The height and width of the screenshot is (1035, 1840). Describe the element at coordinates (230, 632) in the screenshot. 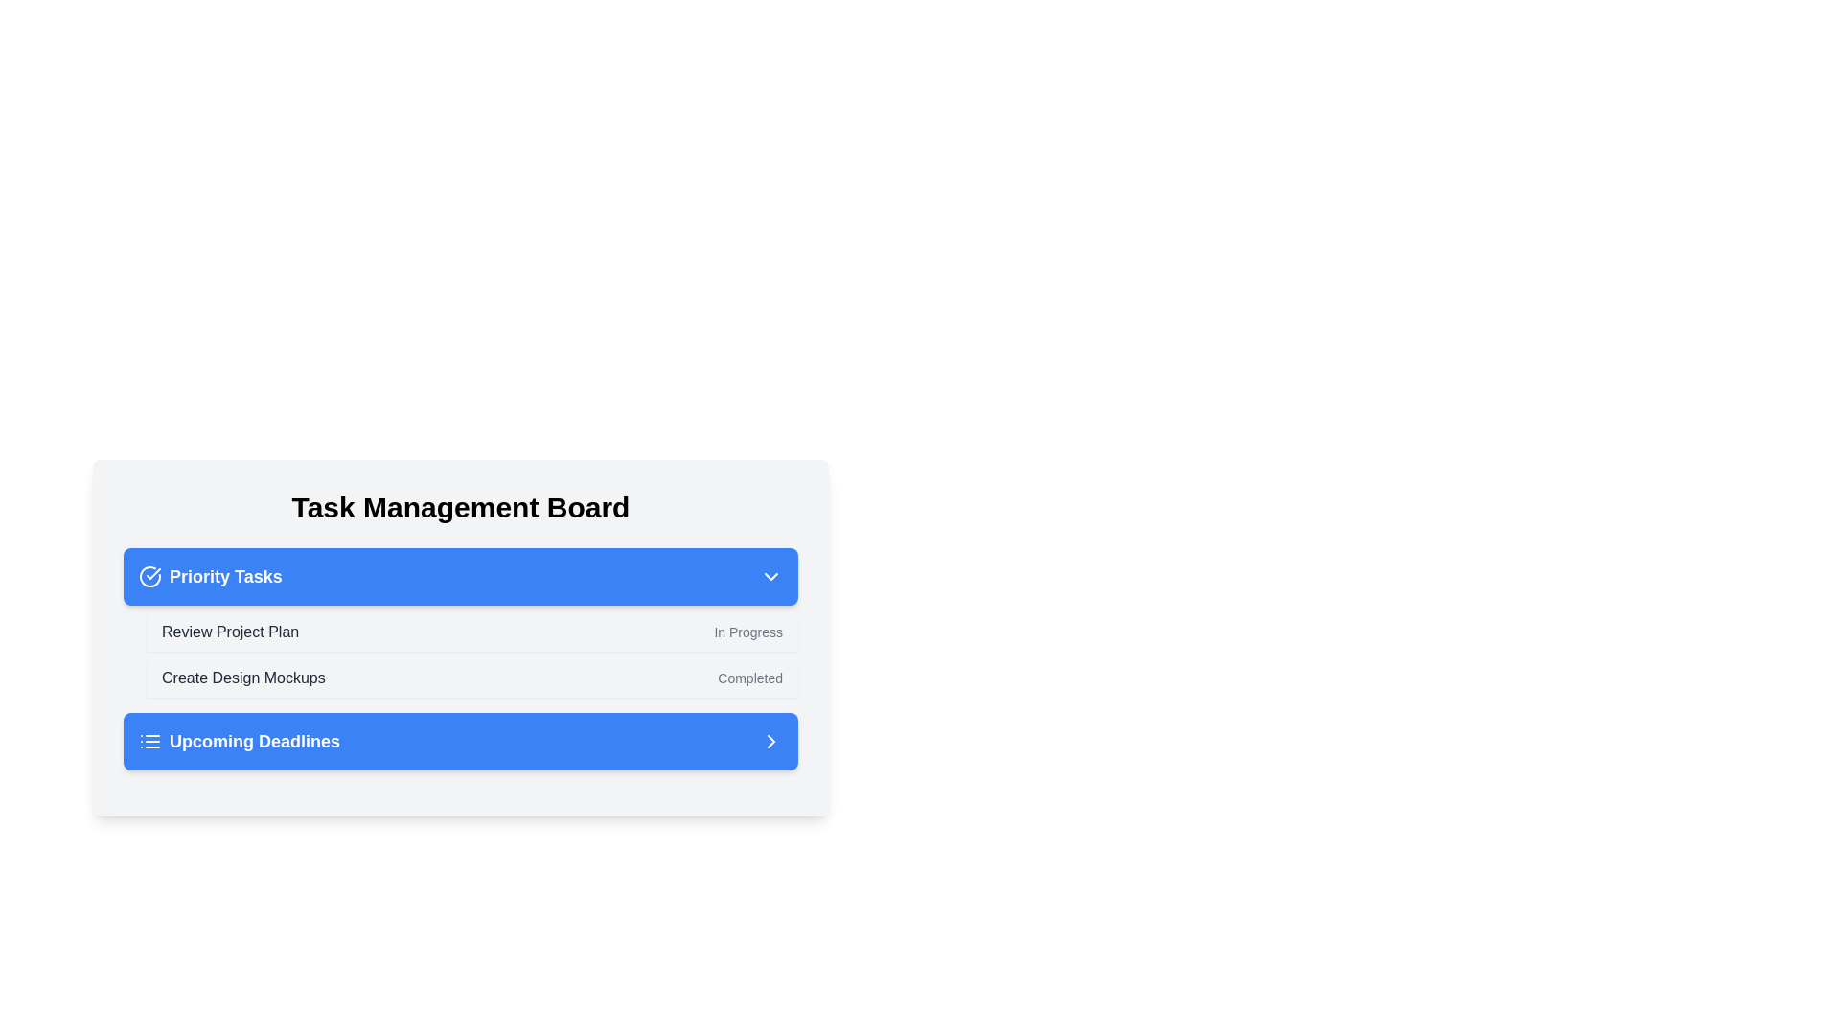

I see `the text label that says 'Review Project Plan' located in the 'Priority Tasks' section of the Task Management Board interface` at that location.